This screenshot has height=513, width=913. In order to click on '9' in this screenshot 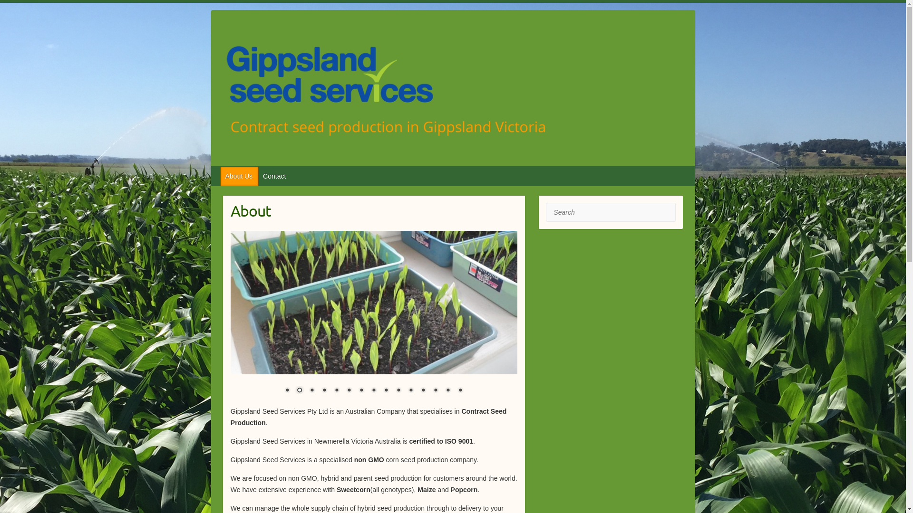, I will do `click(381, 390)`.